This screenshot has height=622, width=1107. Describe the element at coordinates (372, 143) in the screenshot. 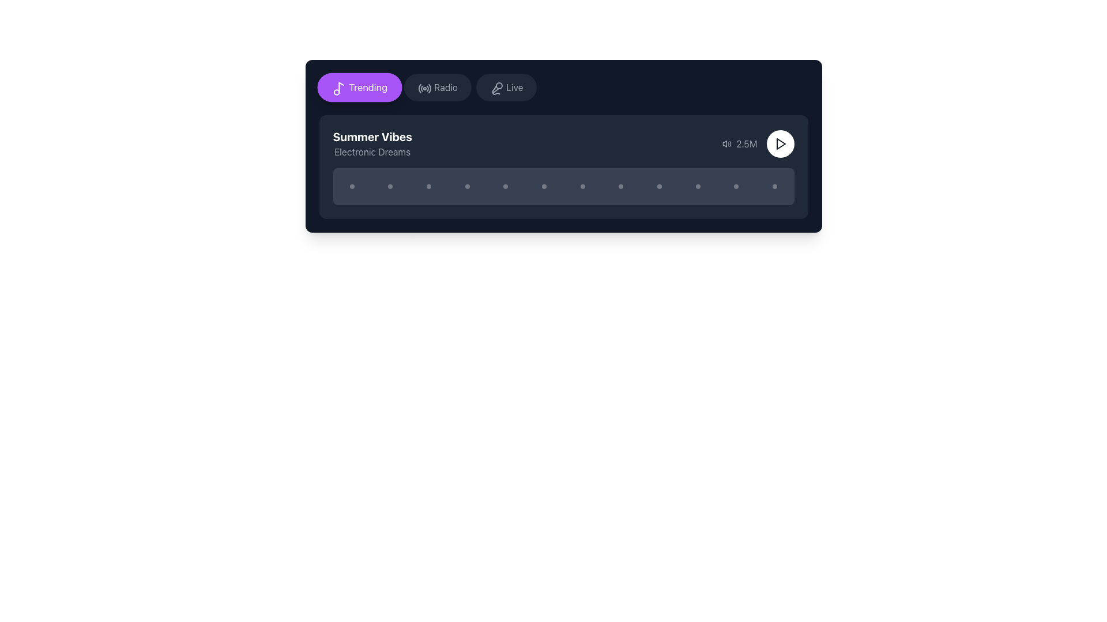

I see `the text block displaying 'Summer Vibes' in bold and 'Electronic Dreams' in smaller gray text, which is positioned in the top left area of the music interface` at that location.